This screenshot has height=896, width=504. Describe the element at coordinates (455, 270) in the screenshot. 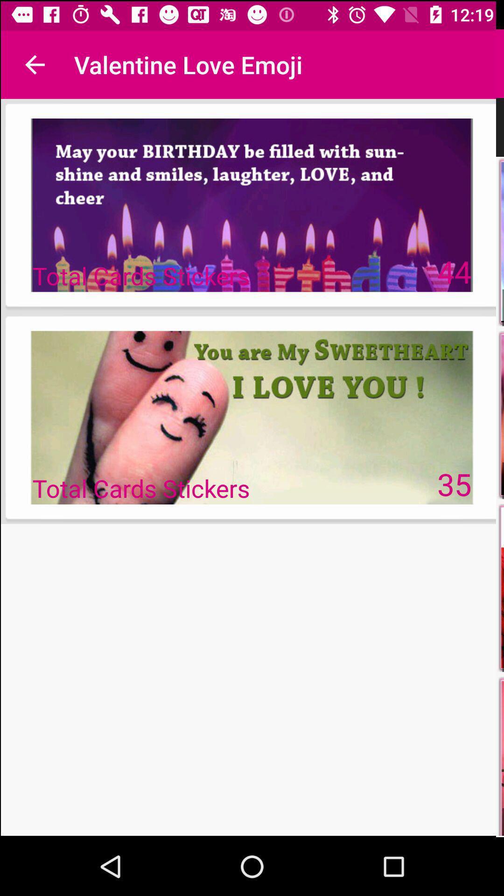

I see `the item to the right of total cards stickers item` at that location.